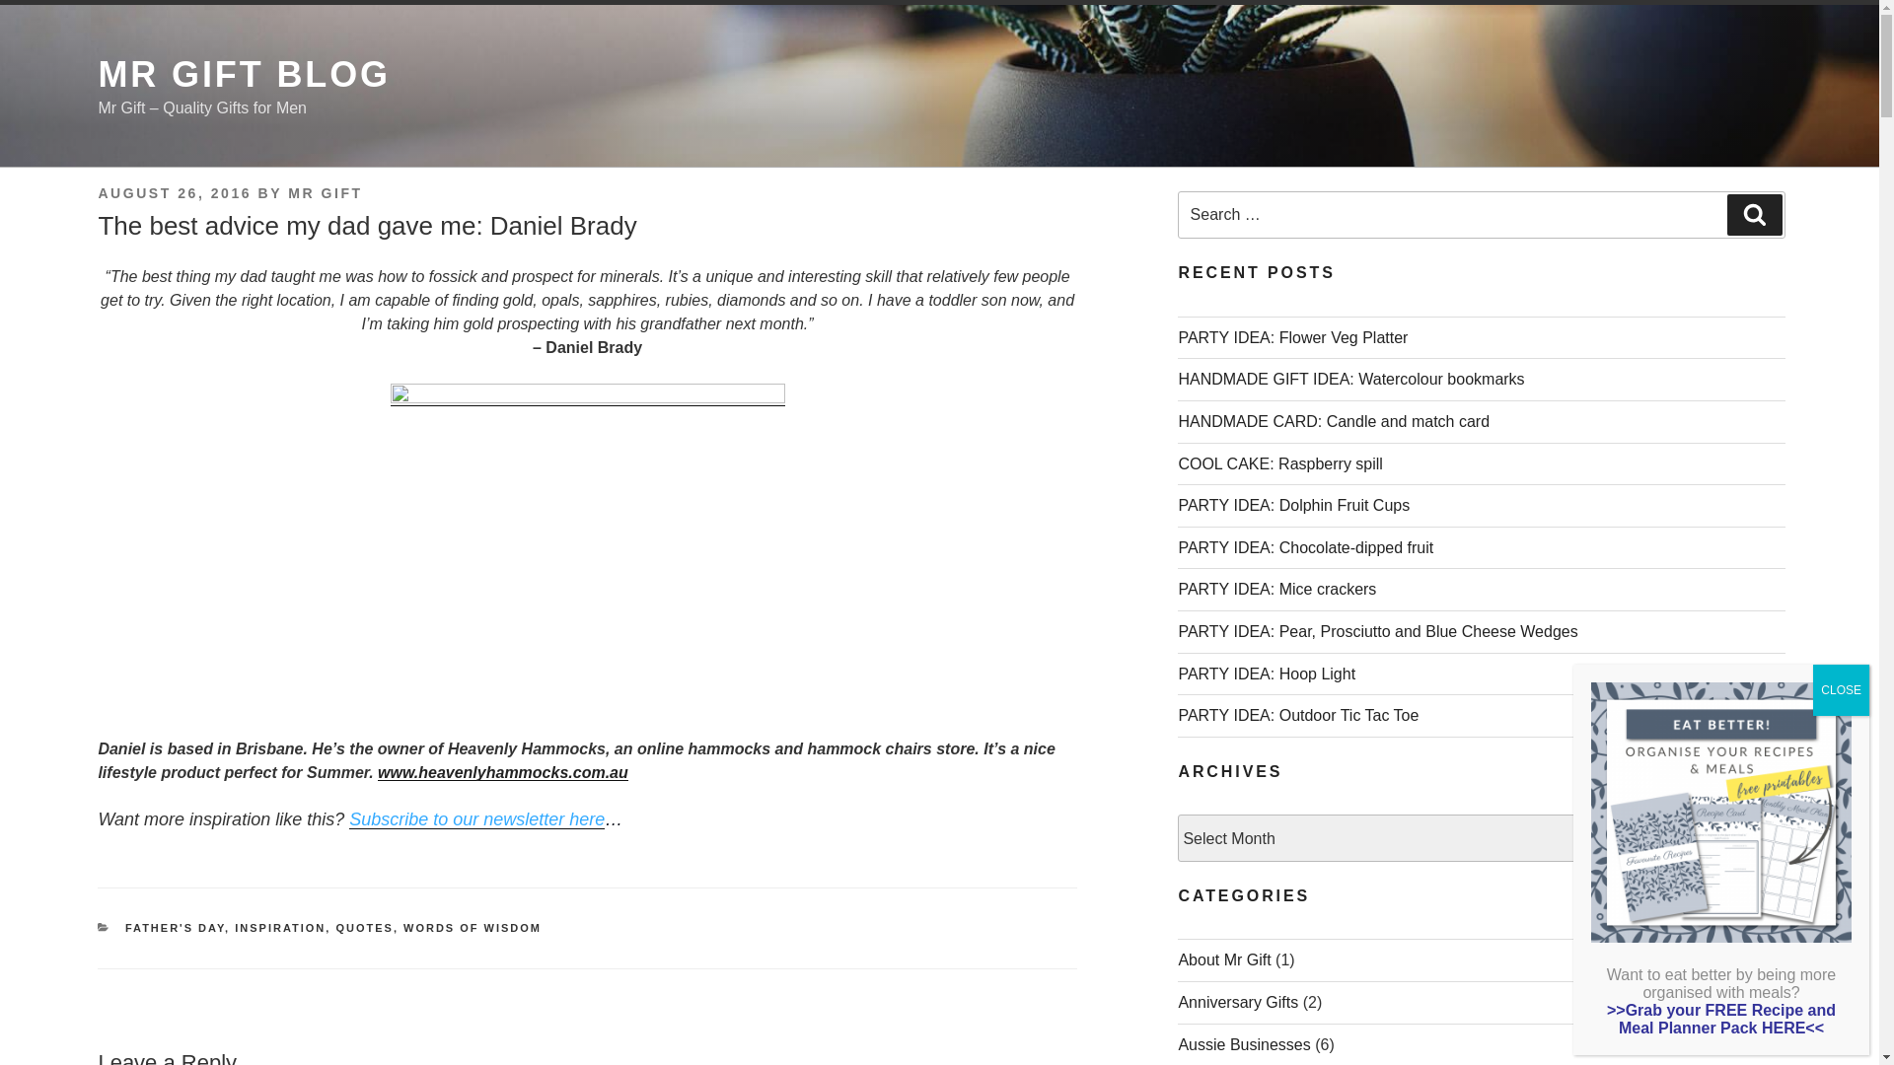  I want to click on 'INSPIRATION', so click(235, 928).